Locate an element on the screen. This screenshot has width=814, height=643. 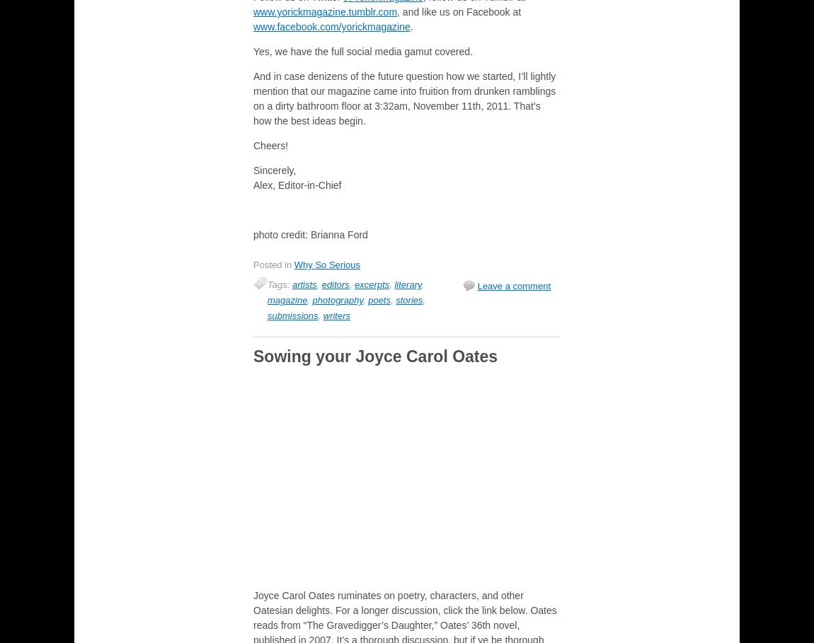
'Sincerely,' is located at coordinates (253, 169).